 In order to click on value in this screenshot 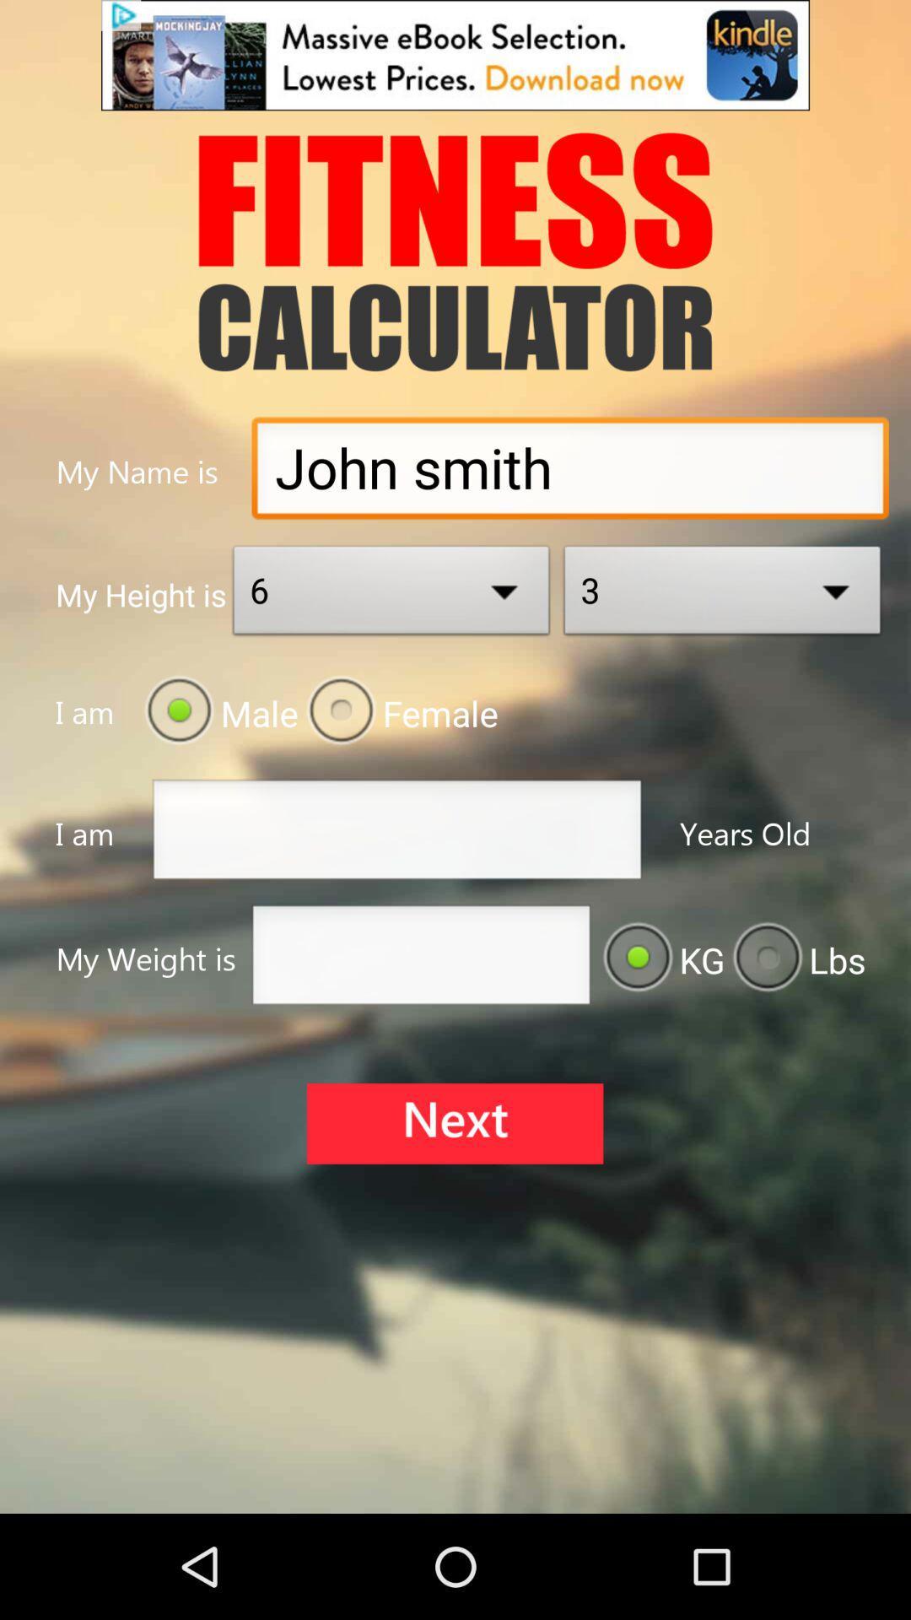, I will do `click(420, 959)`.